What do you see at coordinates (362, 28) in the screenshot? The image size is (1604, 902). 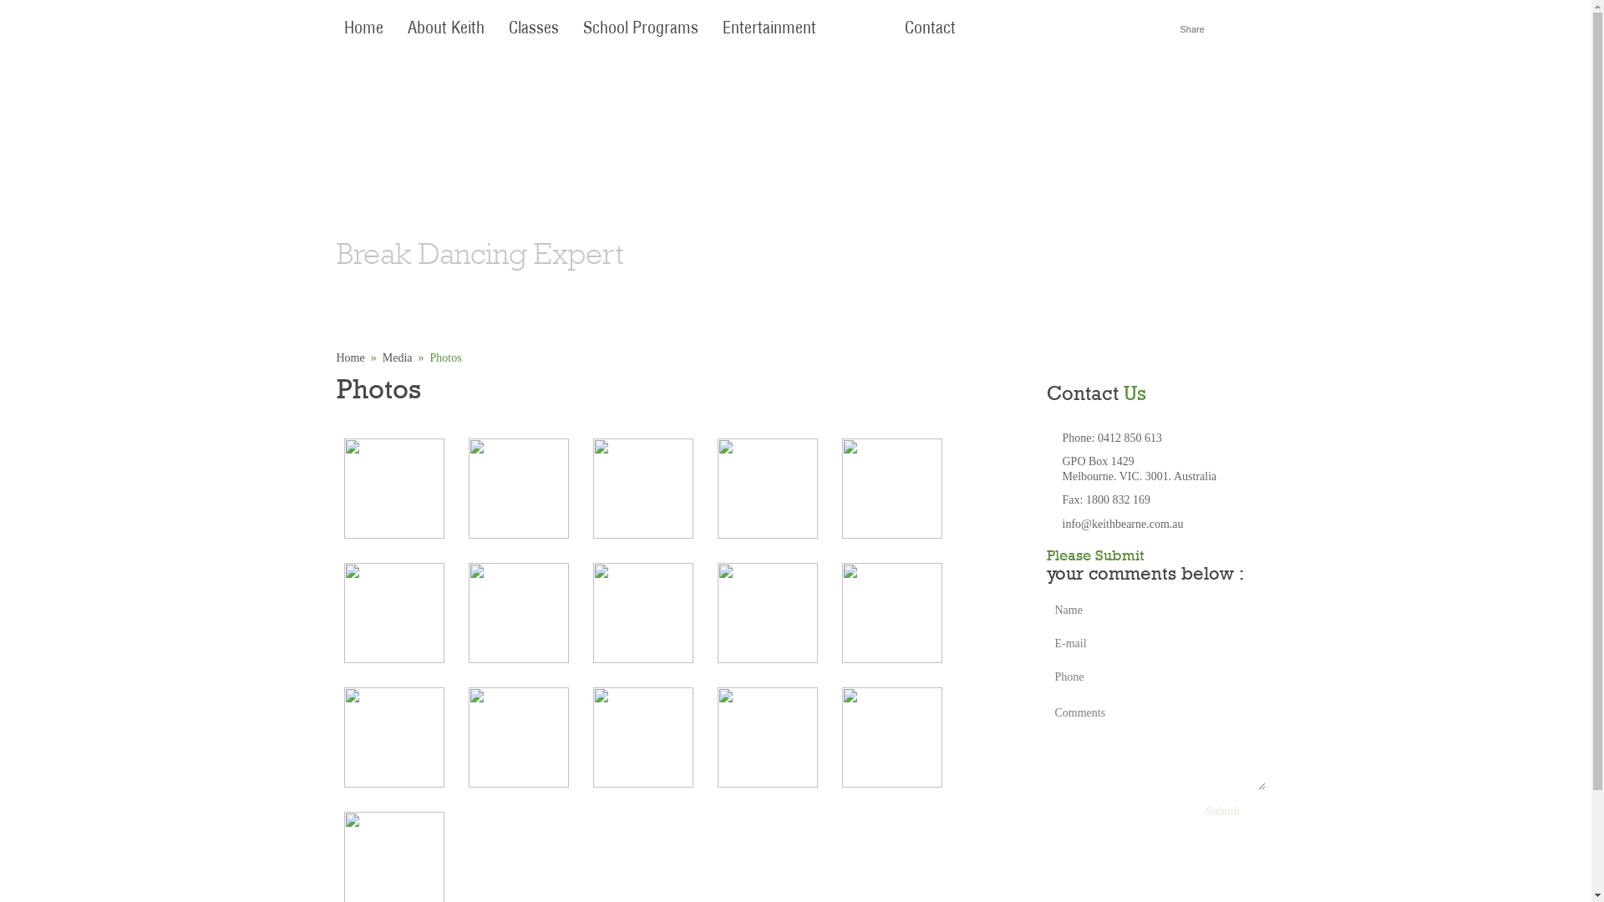 I see `'Home'` at bounding box center [362, 28].